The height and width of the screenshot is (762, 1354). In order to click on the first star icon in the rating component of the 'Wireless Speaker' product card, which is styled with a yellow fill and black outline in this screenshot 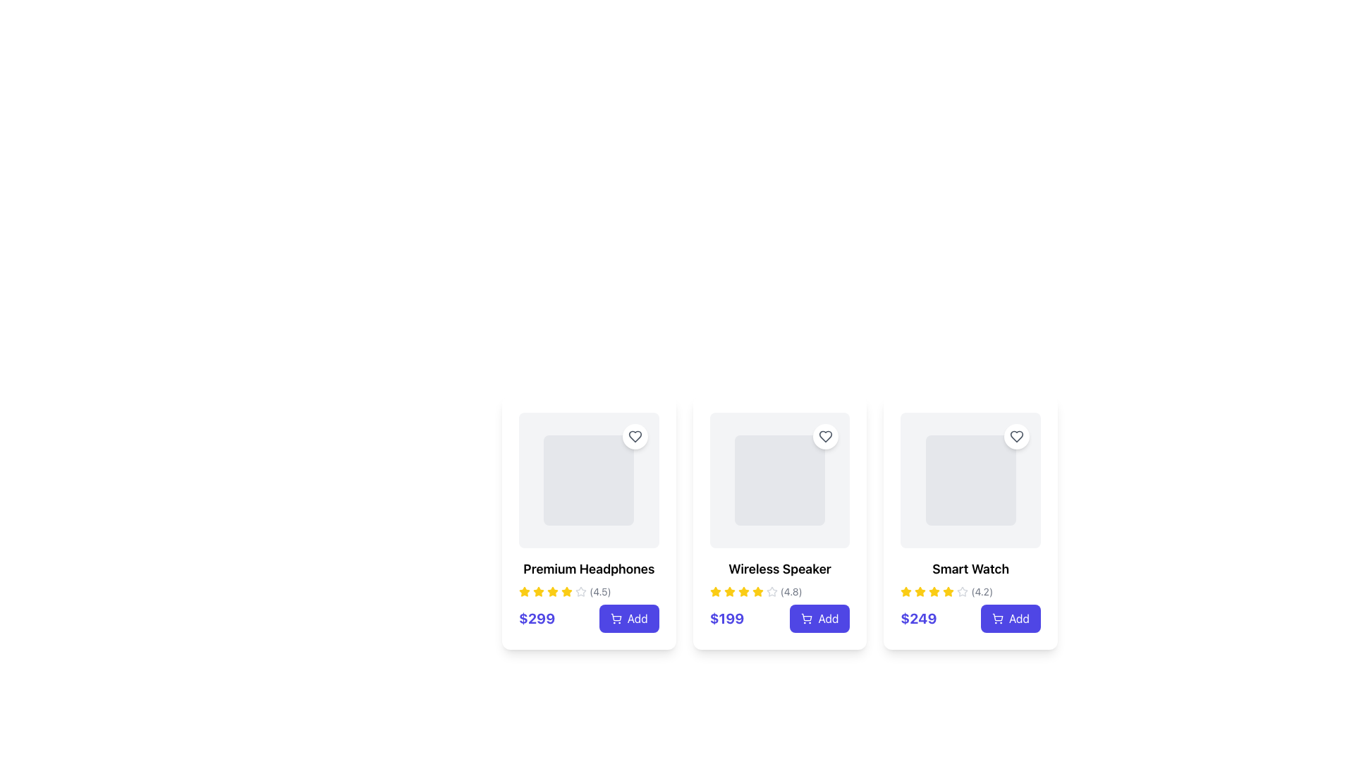, I will do `click(715, 592)`.